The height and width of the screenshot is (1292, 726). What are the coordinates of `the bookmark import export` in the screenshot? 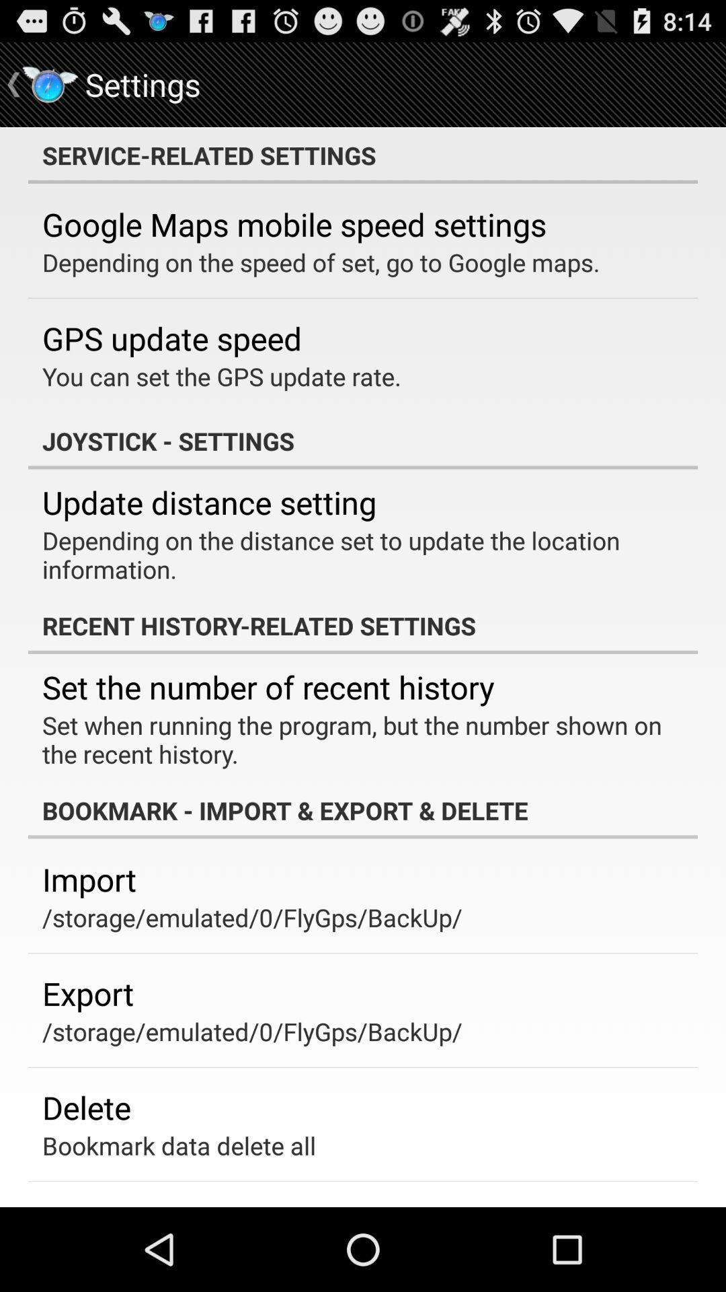 It's located at (363, 810).